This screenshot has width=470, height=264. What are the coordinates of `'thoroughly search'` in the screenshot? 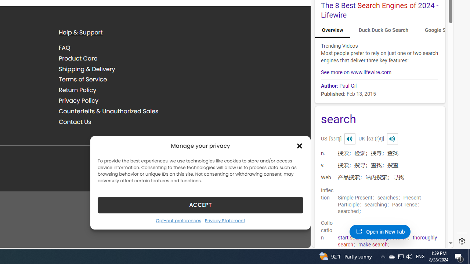 It's located at (387, 241).